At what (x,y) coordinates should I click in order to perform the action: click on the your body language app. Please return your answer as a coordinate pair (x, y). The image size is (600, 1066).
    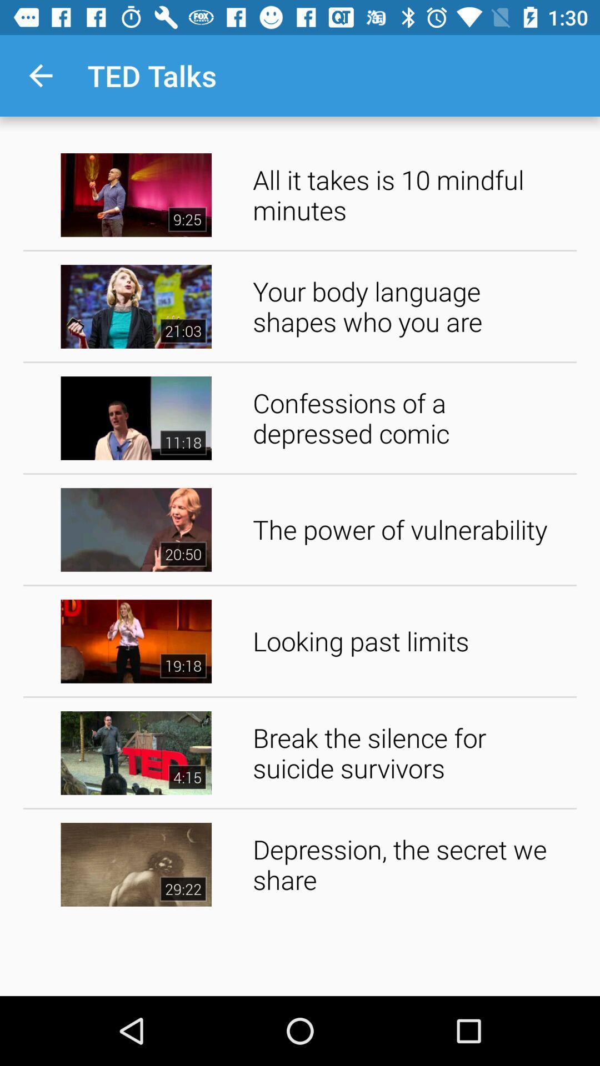
    Looking at the image, I should click on (411, 306).